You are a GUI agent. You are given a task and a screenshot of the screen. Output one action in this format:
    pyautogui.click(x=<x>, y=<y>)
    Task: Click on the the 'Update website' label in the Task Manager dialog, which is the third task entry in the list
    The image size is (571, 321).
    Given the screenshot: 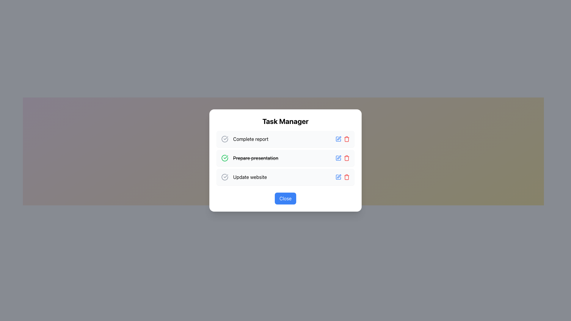 What is the action you would take?
    pyautogui.click(x=250, y=177)
    